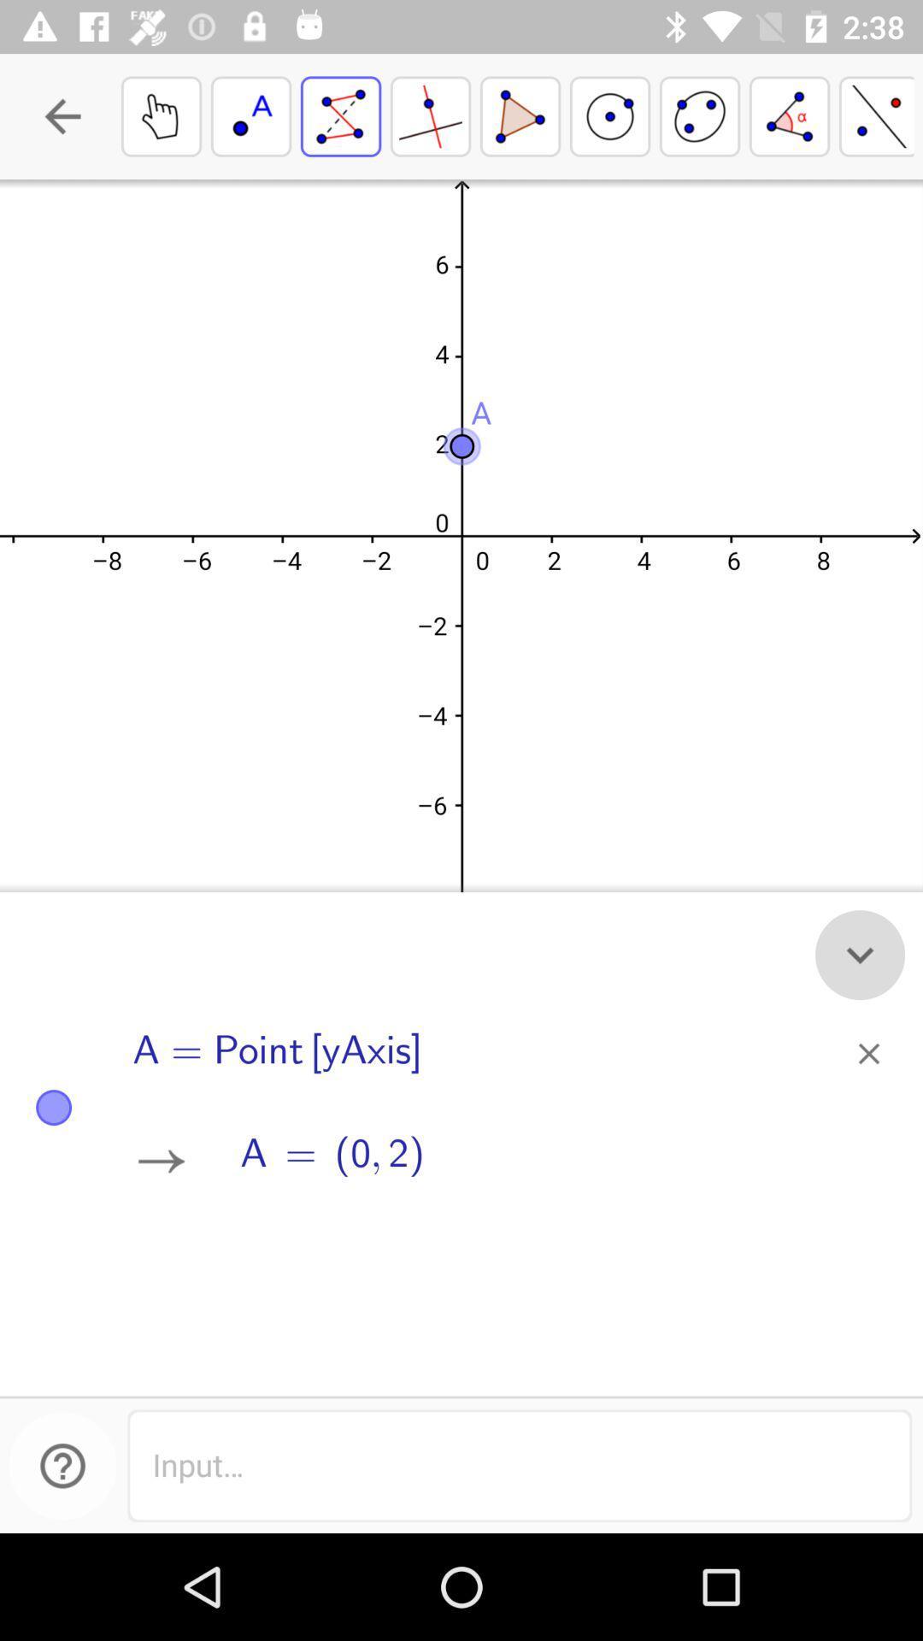 This screenshot has height=1641, width=923. Describe the element at coordinates (869, 1053) in the screenshot. I see `close symbol` at that location.